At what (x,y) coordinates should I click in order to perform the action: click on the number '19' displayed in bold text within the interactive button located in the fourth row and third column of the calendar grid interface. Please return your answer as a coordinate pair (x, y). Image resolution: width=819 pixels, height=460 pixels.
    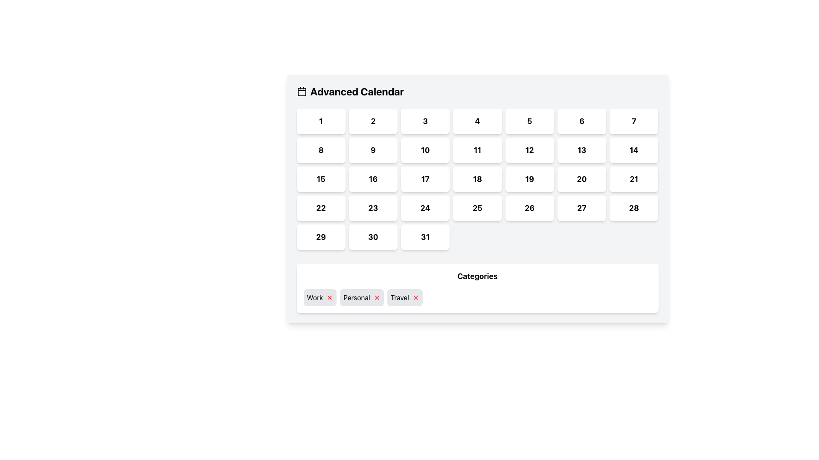
    Looking at the image, I should click on (529, 178).